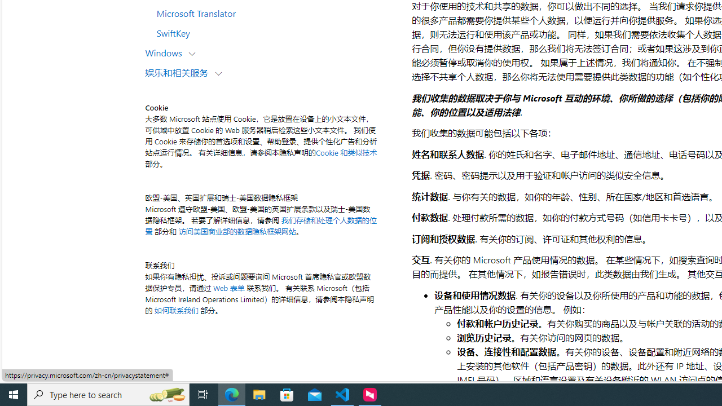 The height and width of the screenshot is (406, 722). I want to click on 'Windows', so click(166, 52).